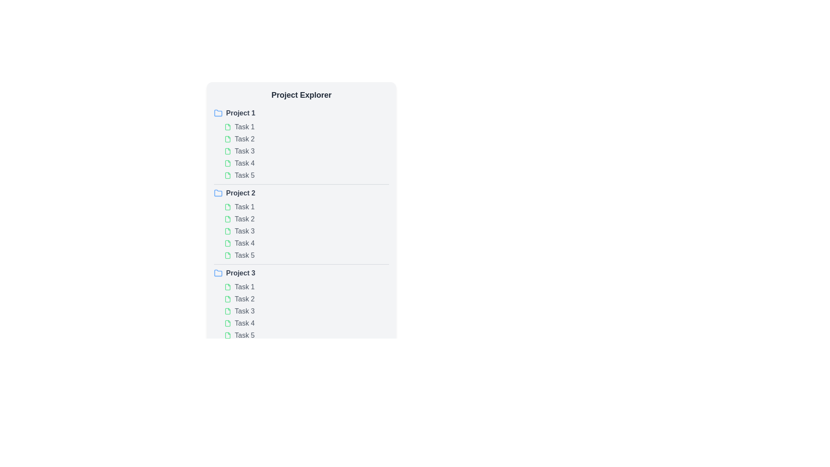  I want to click on the prominent rectangular text header labeled 'Project Explorer' at the top center of the interface, which features bold, large-sized dark gray text against a light gray background, so click(301, 95).